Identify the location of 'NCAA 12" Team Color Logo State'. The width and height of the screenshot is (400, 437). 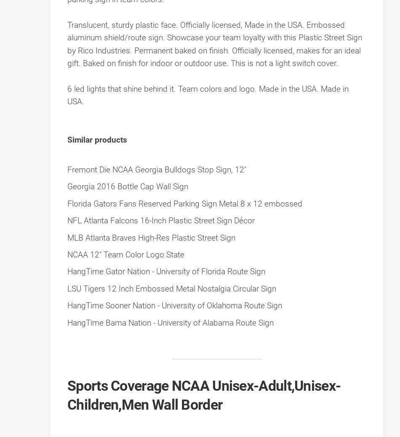
(125, 254).